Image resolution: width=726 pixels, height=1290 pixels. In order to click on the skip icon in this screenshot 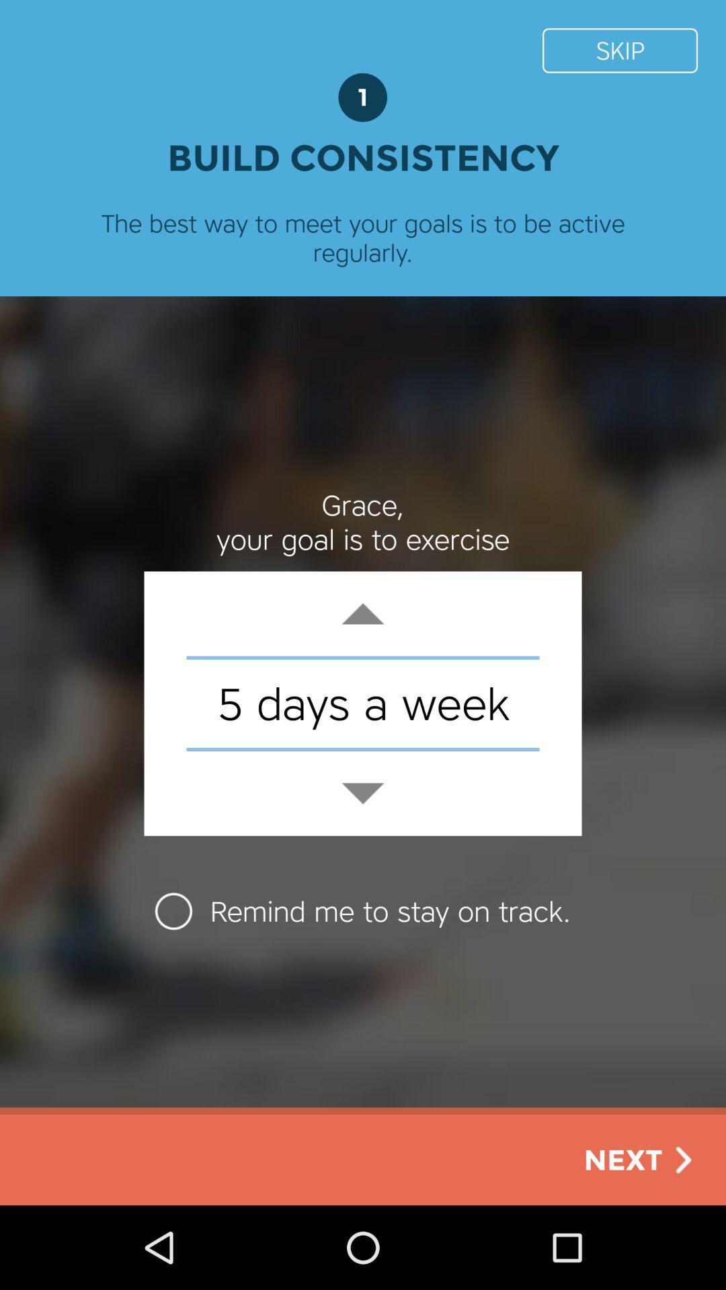, I will do `click(620, 50)`.